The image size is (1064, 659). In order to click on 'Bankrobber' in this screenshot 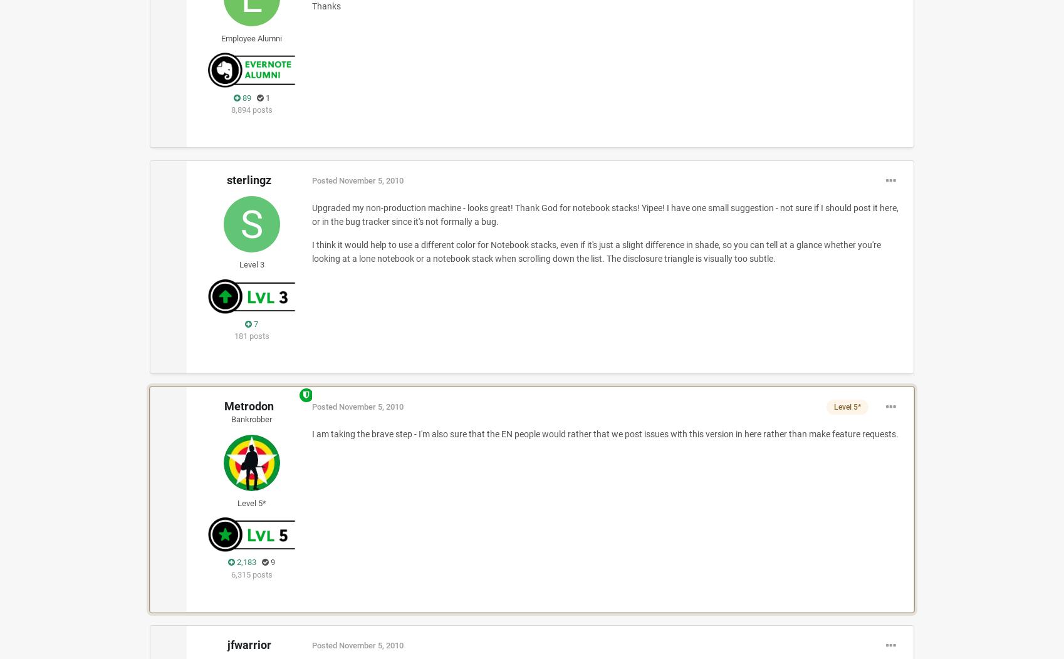, I will do `click(251, 418)`.